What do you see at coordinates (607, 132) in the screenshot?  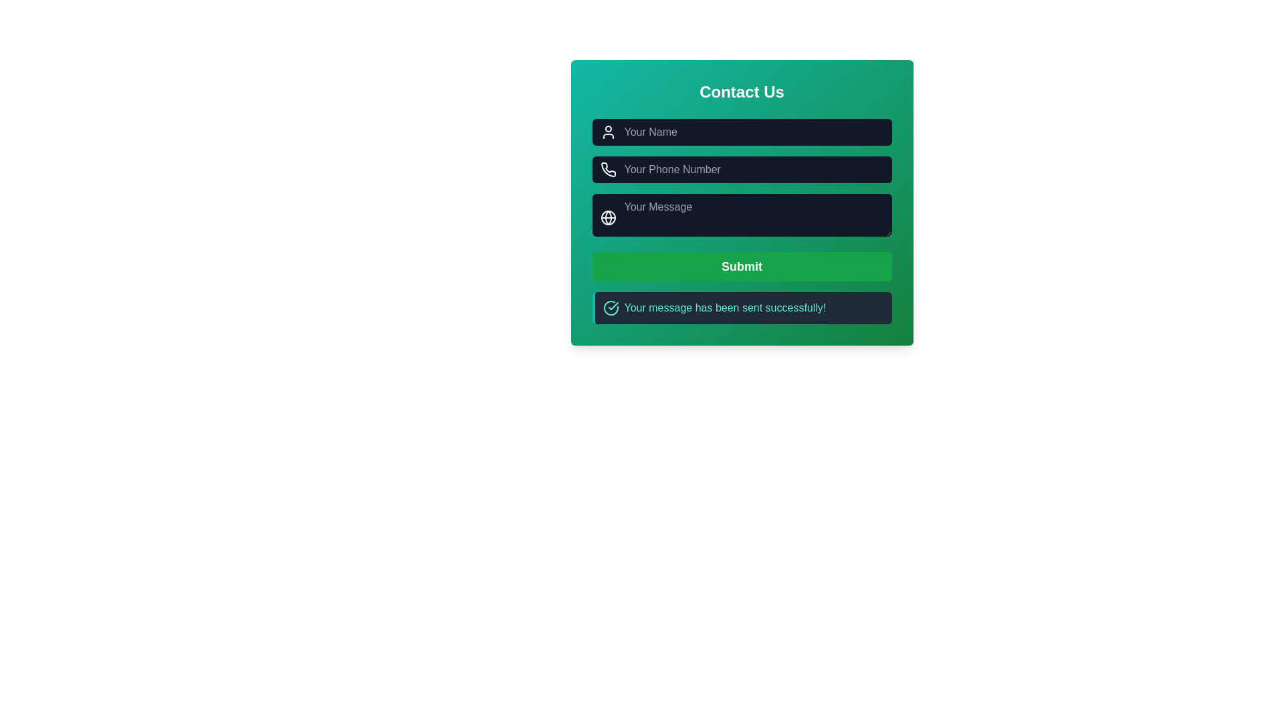 I see `the icon indicating the purpose of the input field for entering the user's name, located inside the 'Your Name' input field in the 'Contact Us' form` at bounding box center [607, 132].